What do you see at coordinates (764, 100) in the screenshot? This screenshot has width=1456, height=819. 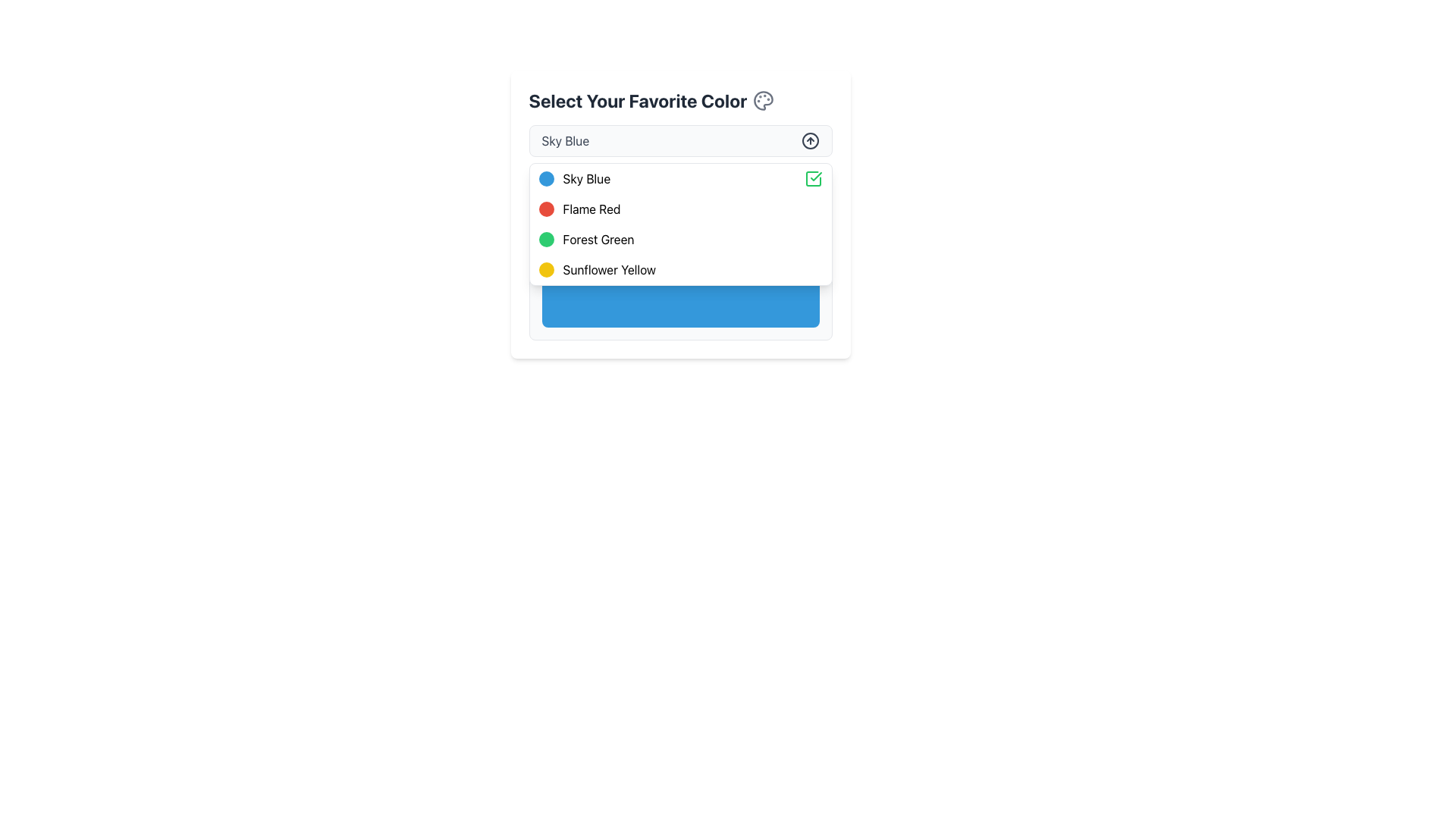 I see `the color selection palette icon located in the header section next to 'Select Your Favorite Color'` at bounding box center [764, 100].